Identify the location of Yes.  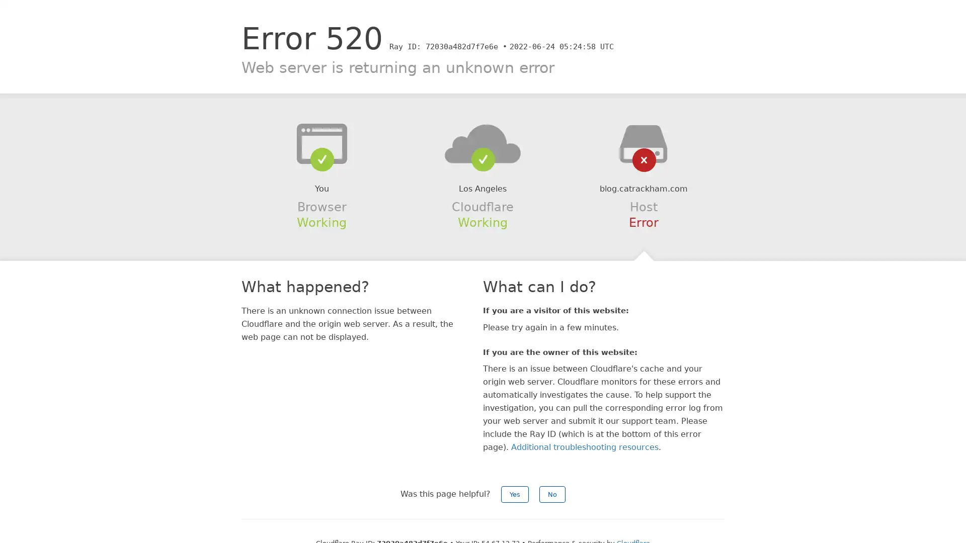
(515, 494).